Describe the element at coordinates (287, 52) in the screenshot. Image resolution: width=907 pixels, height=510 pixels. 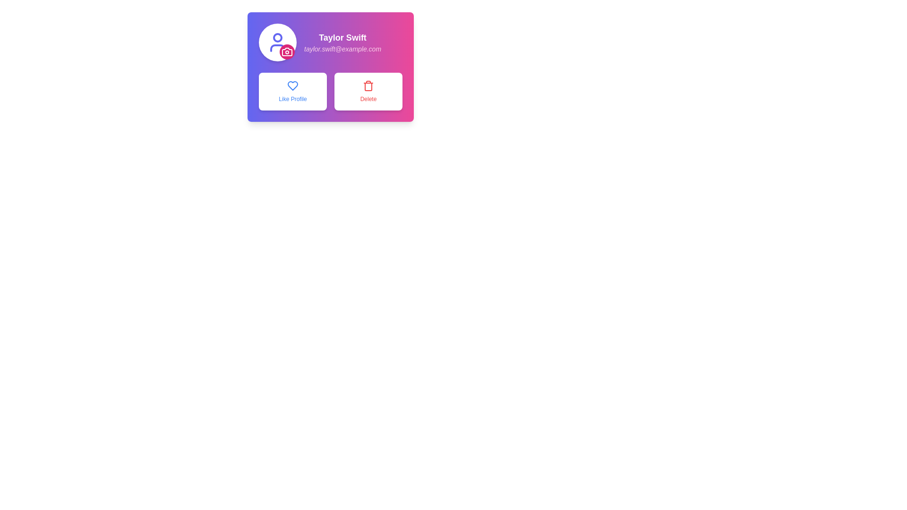
I see `the pink circular button with an SVG camera icon located at the bottom-right corner of the user card to upload or select a new image` at that location.